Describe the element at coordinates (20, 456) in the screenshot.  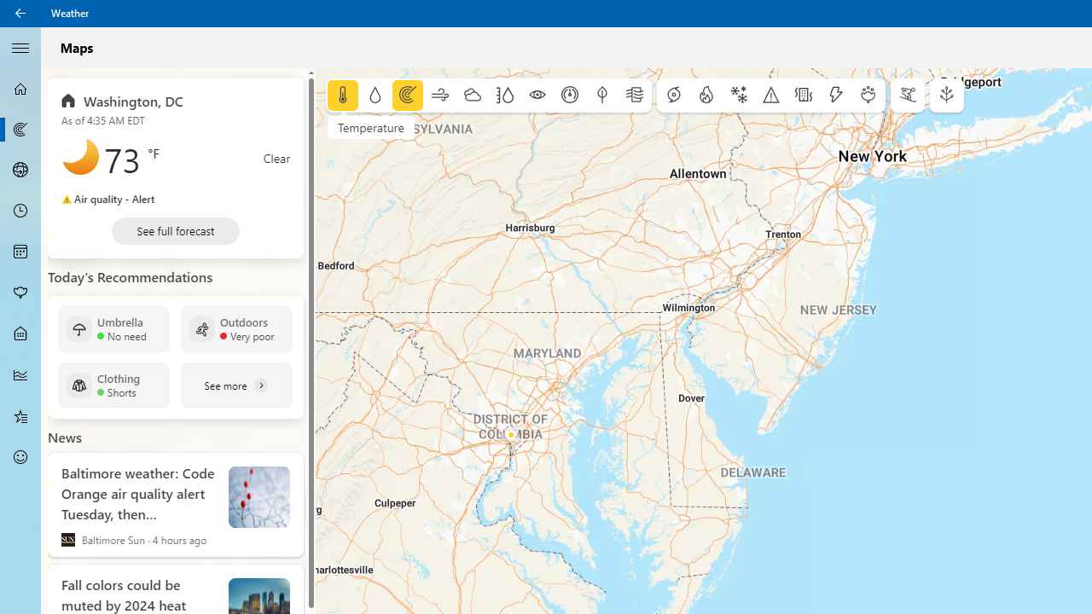
I see `'Send Feedback - Not Selected'` at that location.